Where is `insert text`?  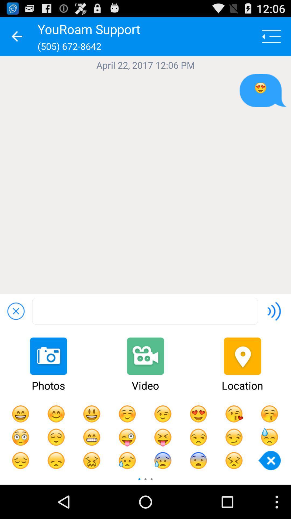
insert text is located at coordinates (145, 311).